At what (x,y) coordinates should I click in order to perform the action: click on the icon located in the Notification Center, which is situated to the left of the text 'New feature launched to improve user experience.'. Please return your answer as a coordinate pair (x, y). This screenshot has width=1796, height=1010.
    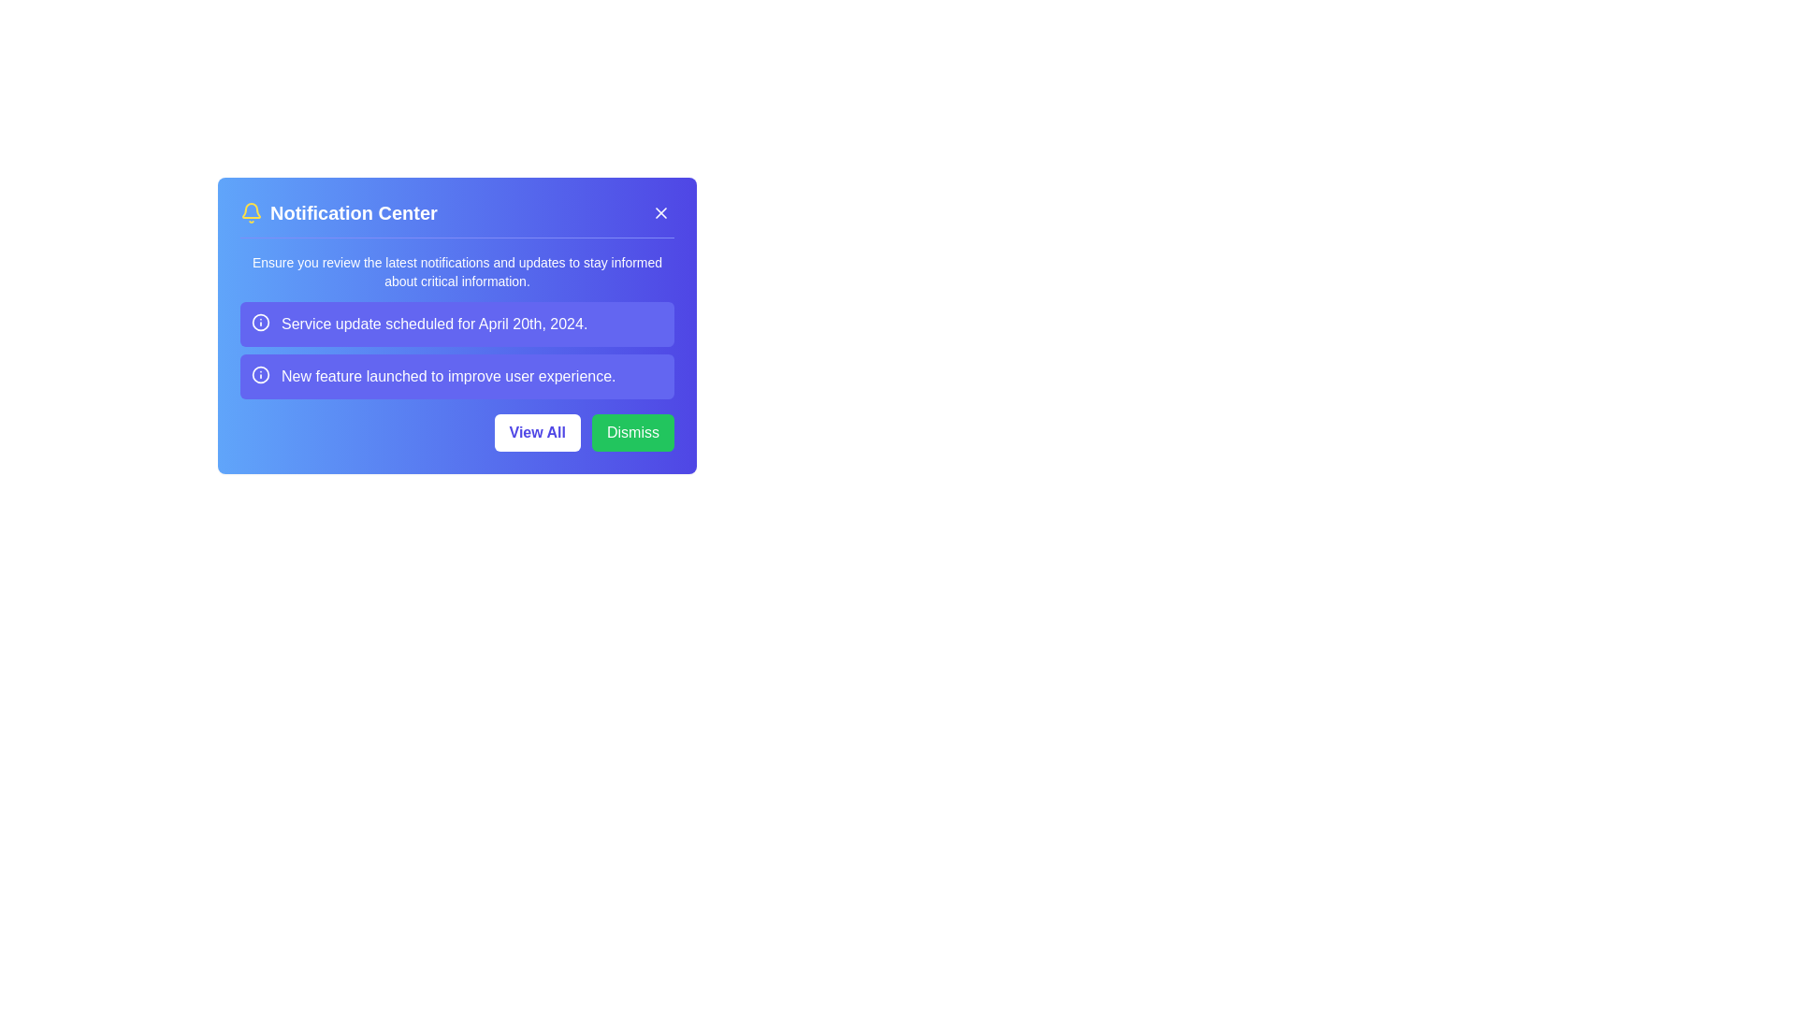
    Looking at the image, I should click on (259, 375).